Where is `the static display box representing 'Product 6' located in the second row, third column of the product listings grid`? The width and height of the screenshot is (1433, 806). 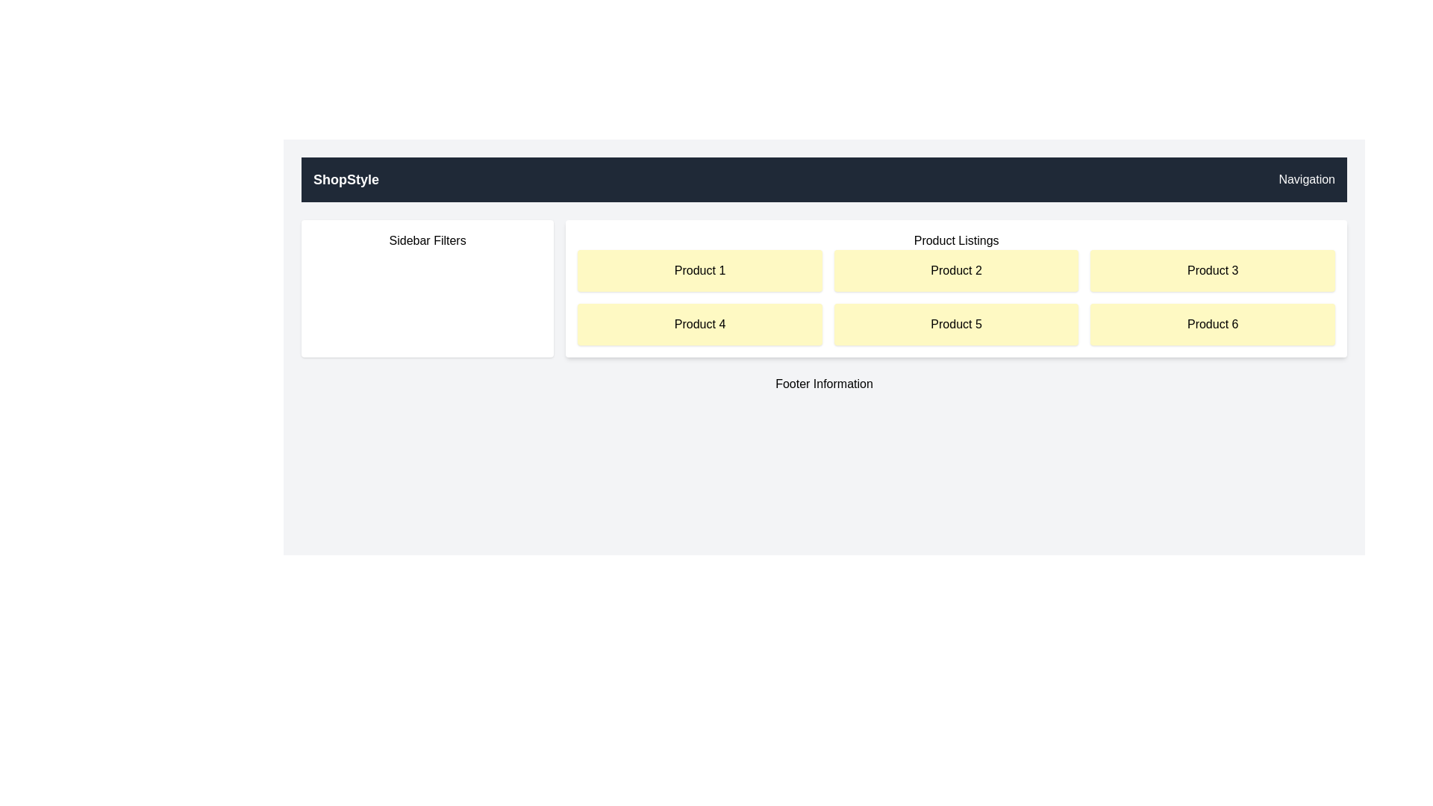
the static display box representing 'Product 6' located in the second row, third column of the product listings grid is located at coordinates (1213, 324).